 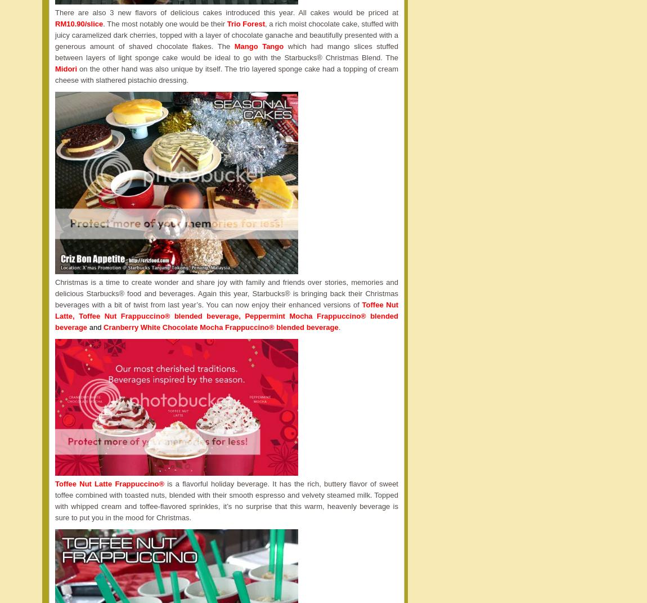 I want to click on 'and', so click(x=95, y=327).